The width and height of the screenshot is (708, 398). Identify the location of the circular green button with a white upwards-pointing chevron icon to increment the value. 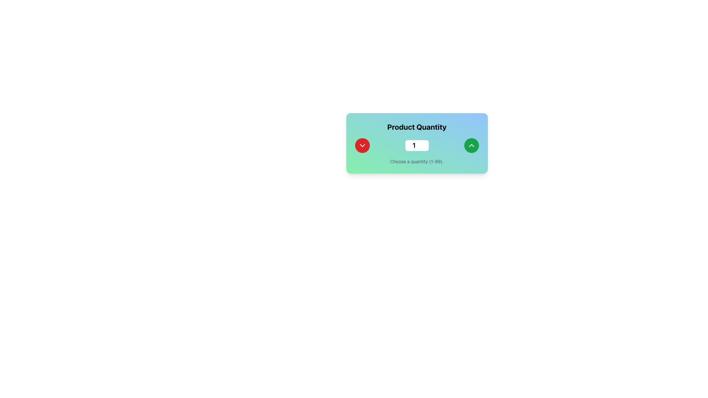
(471, 145).